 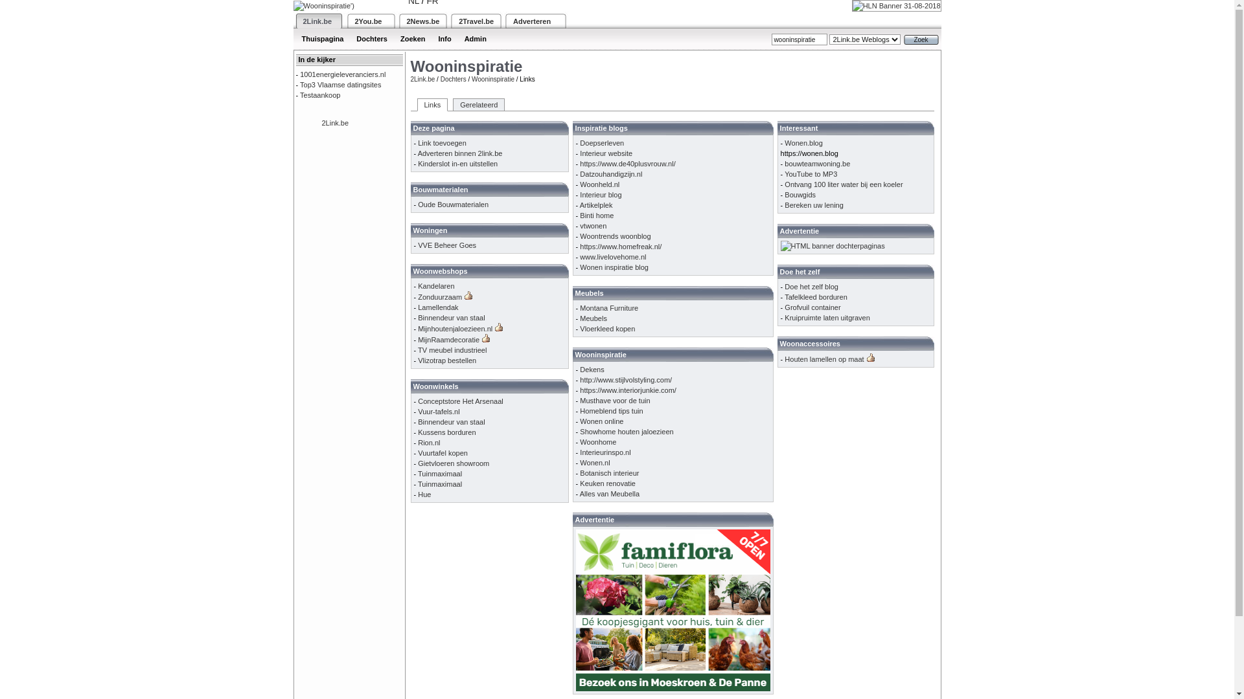 What do you see at coordinates (492, 79) in the screenshot?
I see `'Wooninspiratie'` at bounding box center [492, 79].